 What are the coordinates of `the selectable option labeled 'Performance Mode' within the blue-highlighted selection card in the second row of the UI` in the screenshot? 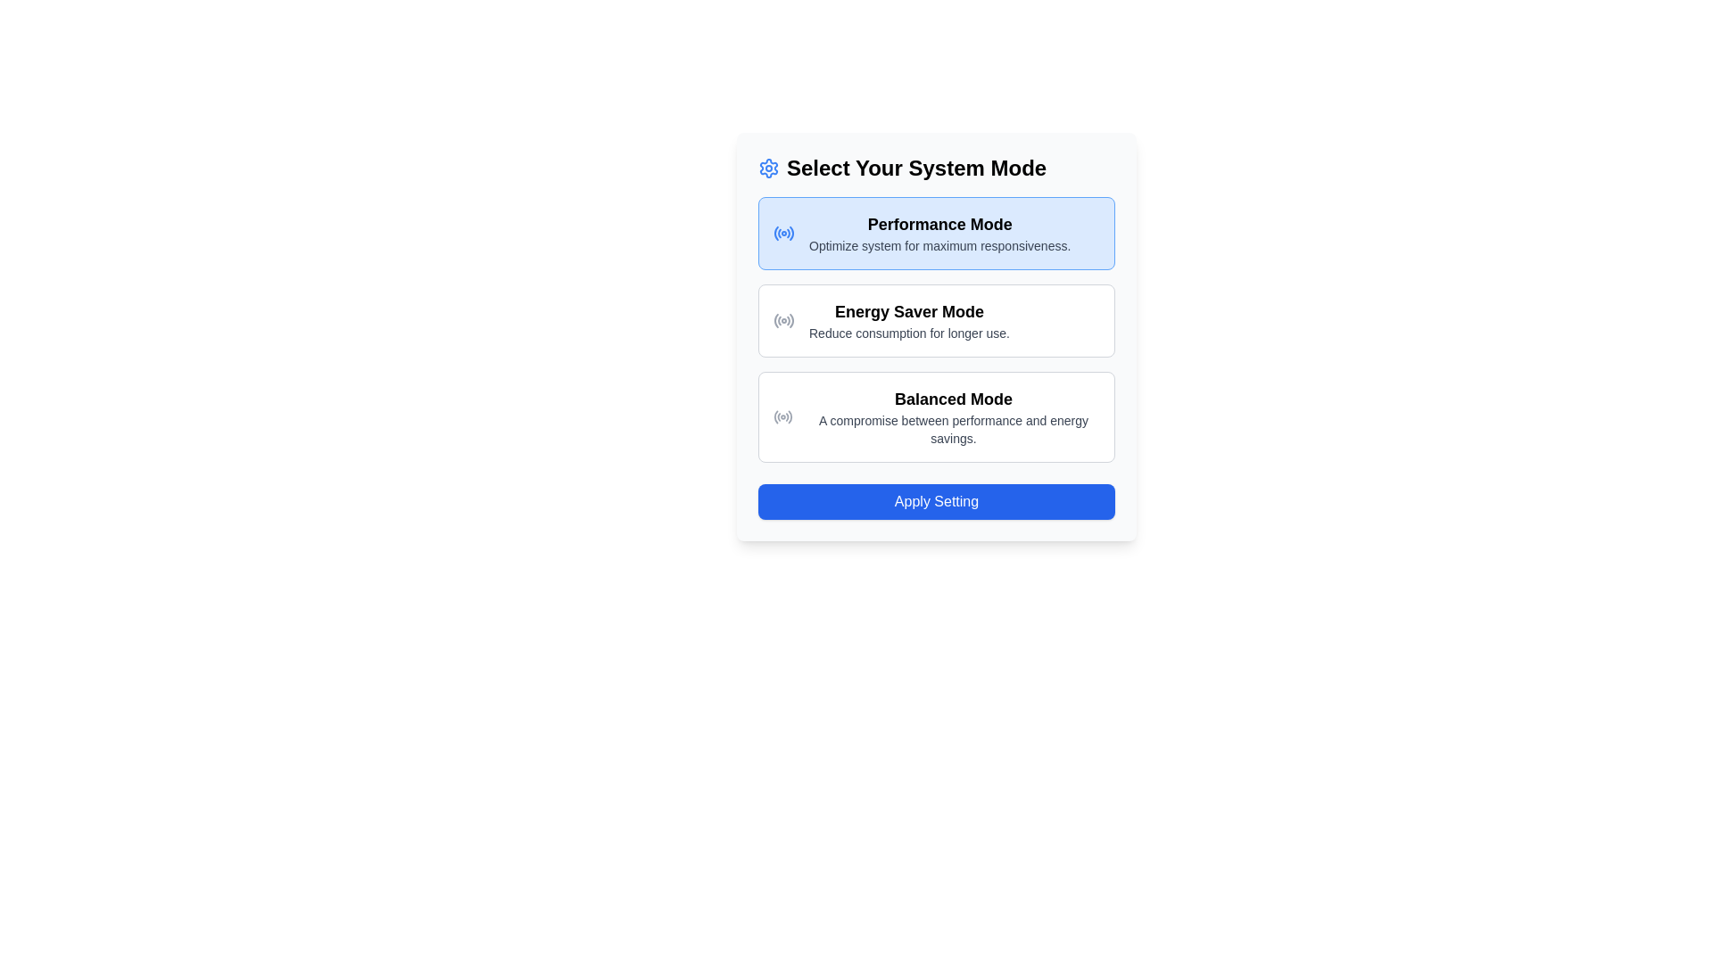 It's located at (939, 233).